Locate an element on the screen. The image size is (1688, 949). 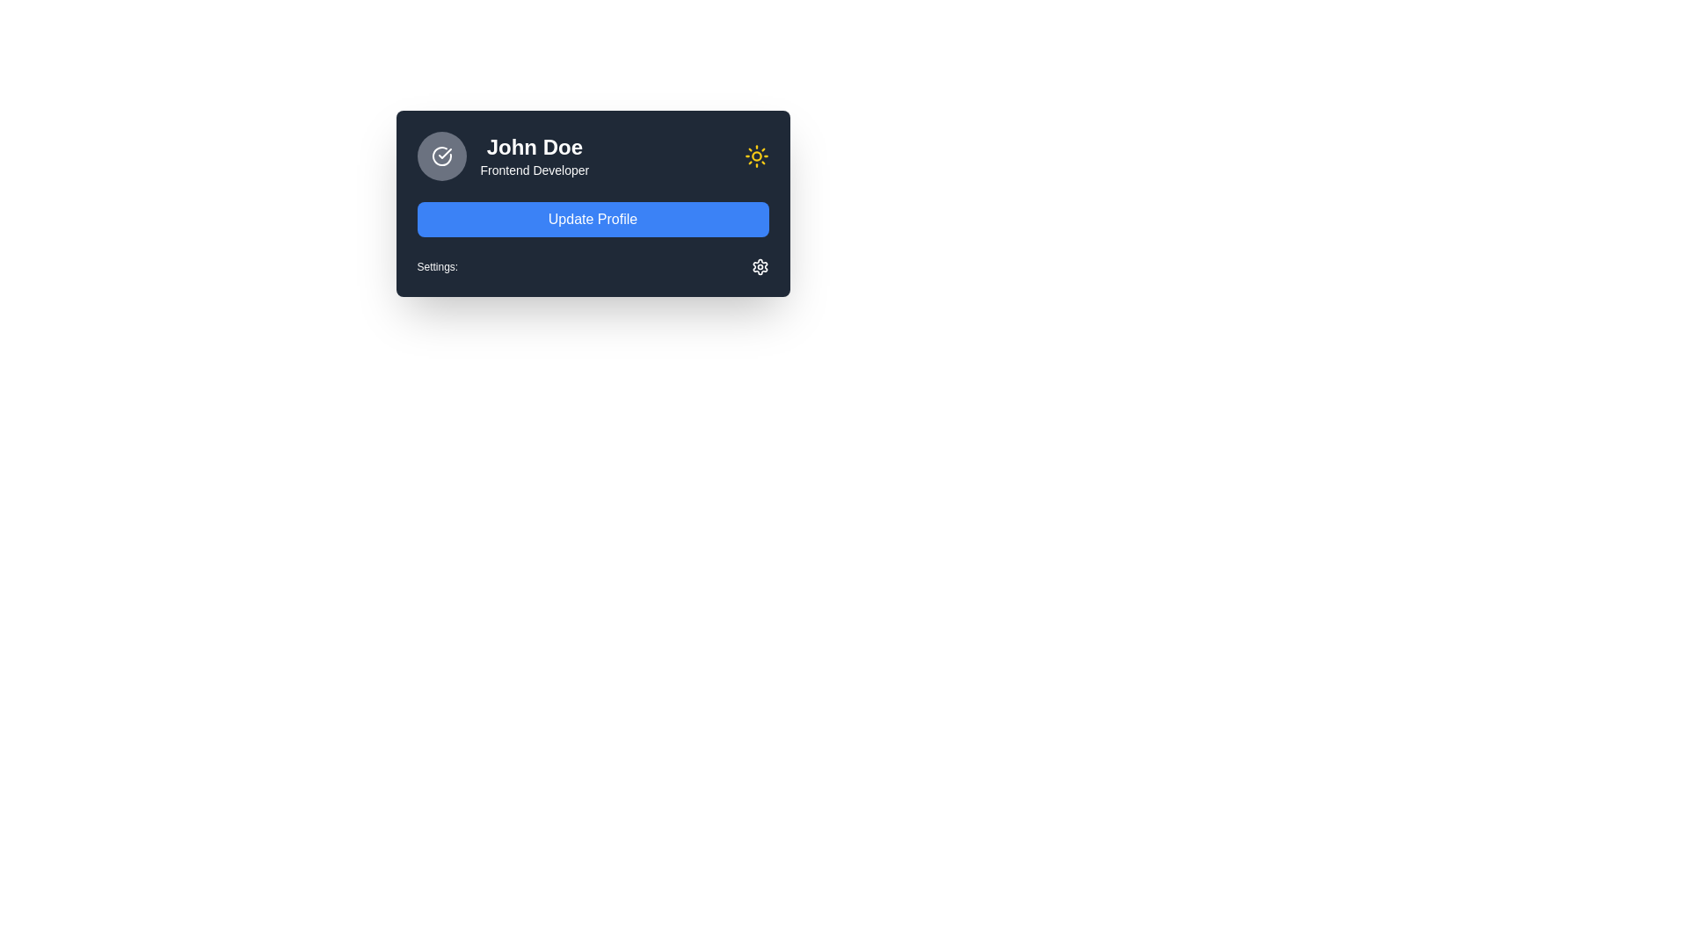
the gear or cogwheel icon in the top right corner of the user information card is located at coordinates (760, 267).